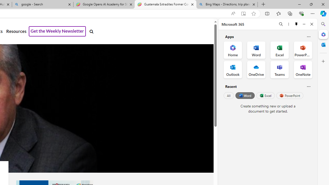  What do you see at coordinates (43, 4) in the screenshot?
I see `'google - Search'` at bounding box center [43, 4].